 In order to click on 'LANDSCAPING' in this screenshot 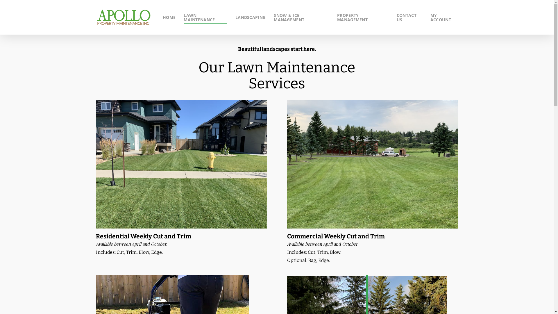, I will do `click(235, 17)`.